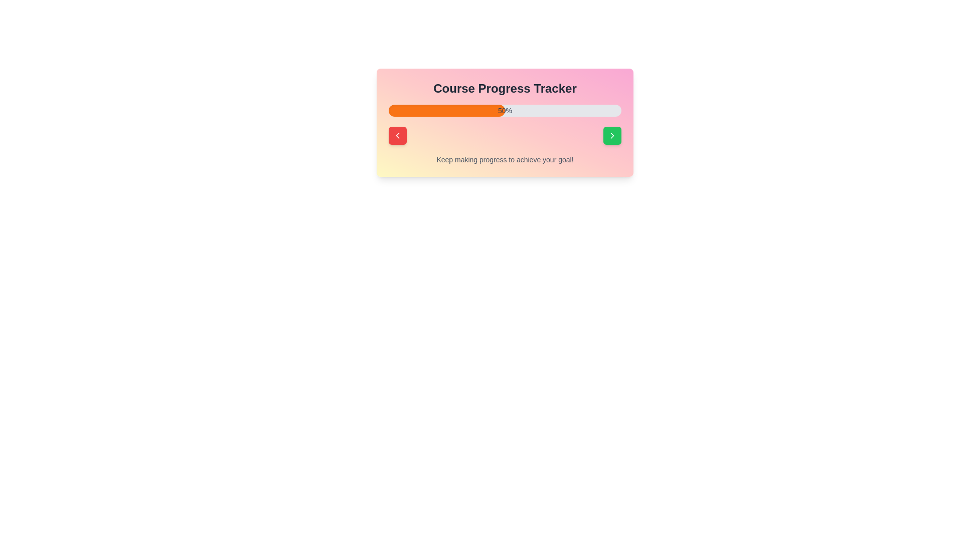 Image resolution: width=963 pixels, height=541 pixels. What do you see at coordinates (611, 135) in the screenshot?
I see `the green navigation button icon to move the user forward in the progress tracker interface` at bounding box center [611, 135].